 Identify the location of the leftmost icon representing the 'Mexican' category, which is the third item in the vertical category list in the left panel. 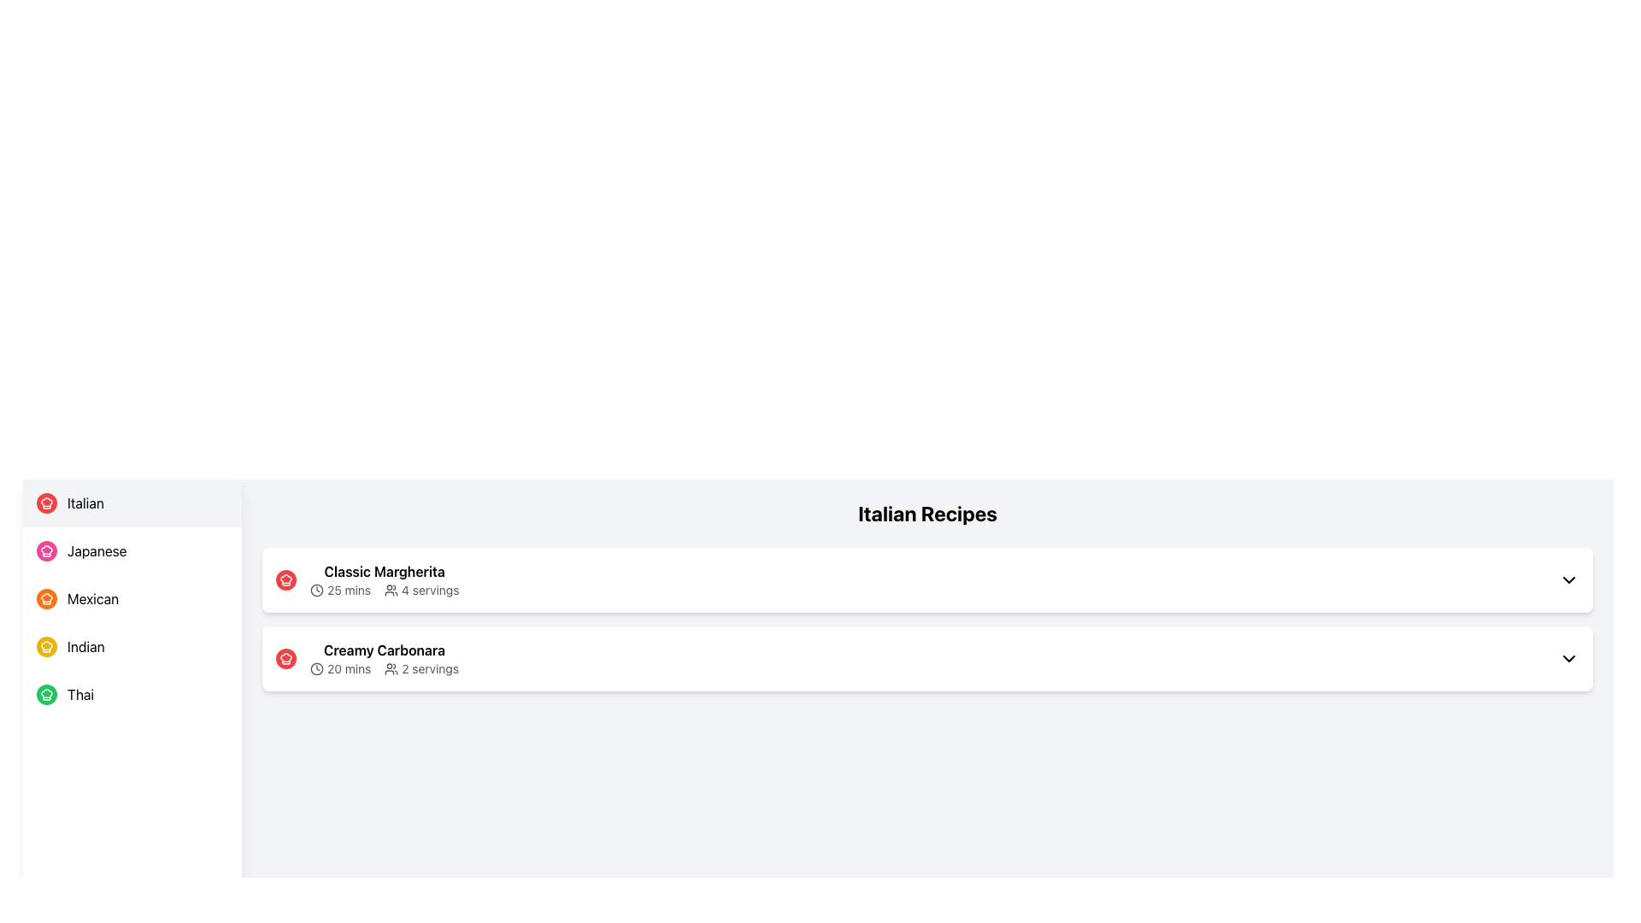
(46, 598).